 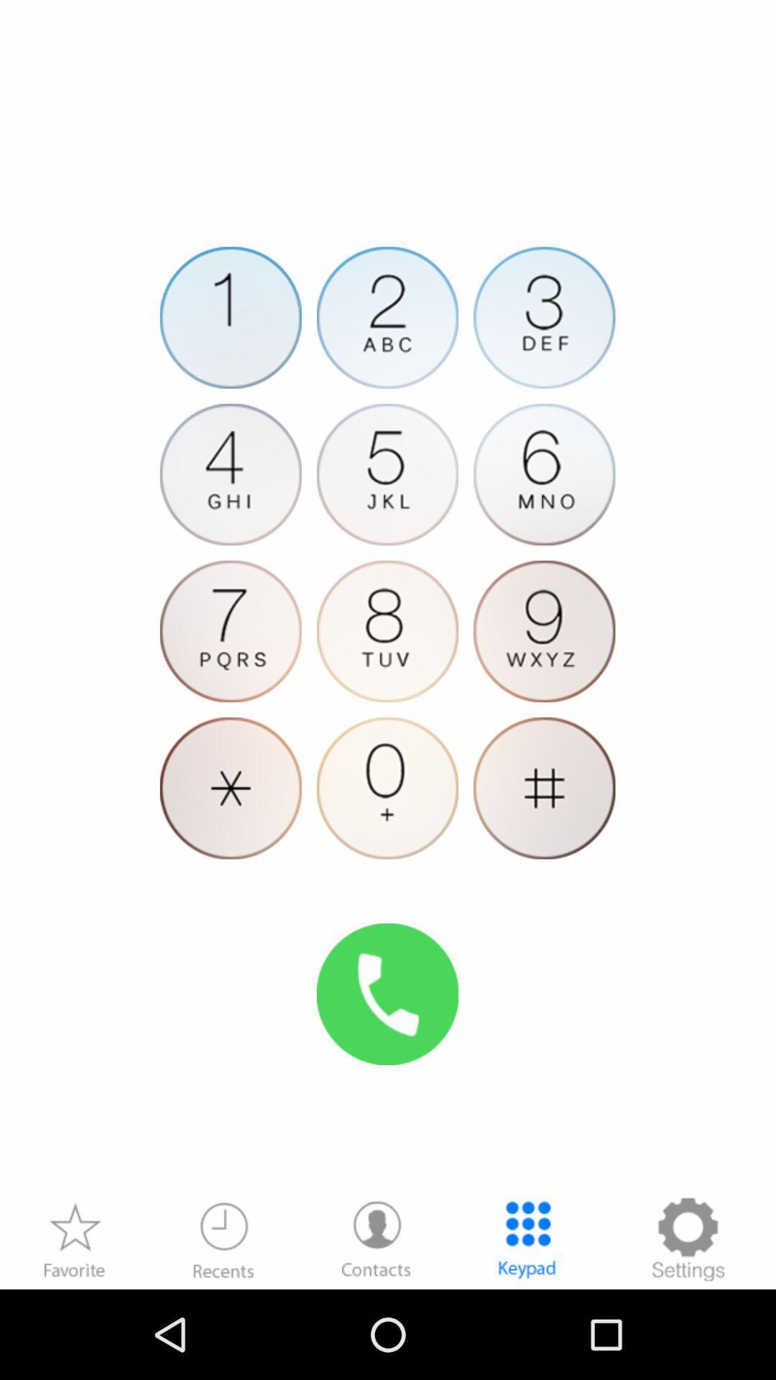 I want to click on the star icon, so click(x=74, y=1325).